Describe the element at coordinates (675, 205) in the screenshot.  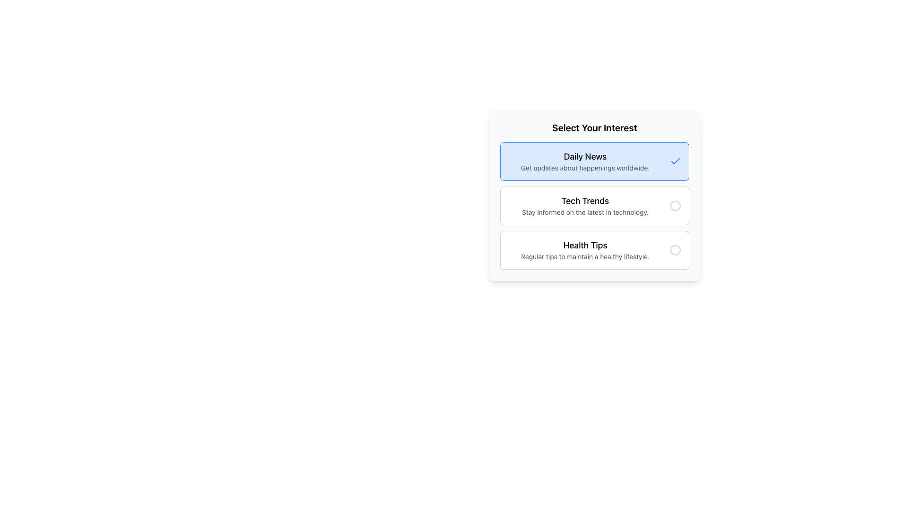
I see `the circular radio button indicator located at the center right of the 'Tech Trends' option` at that location.